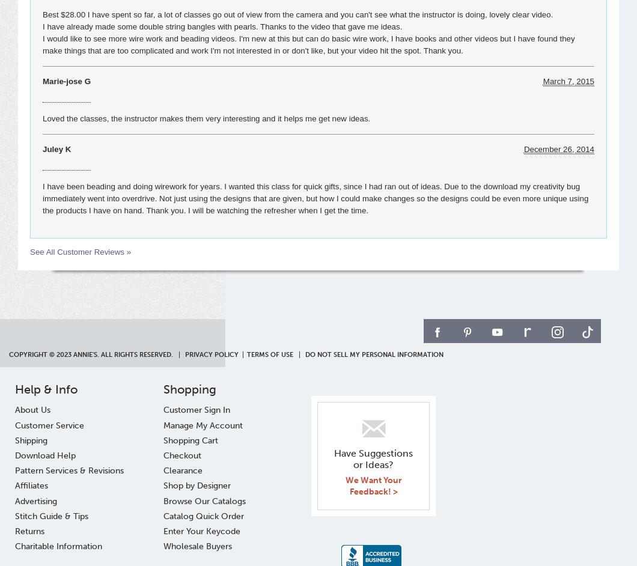 The width and height of the screenshot is (637, 566). What do you see at coordinates (43, 26) in the screenshot?
I see `'I have already made some double string bangles with pearls. Thanks to the video that gave me ideas.'` at bounding box center [43, 26].